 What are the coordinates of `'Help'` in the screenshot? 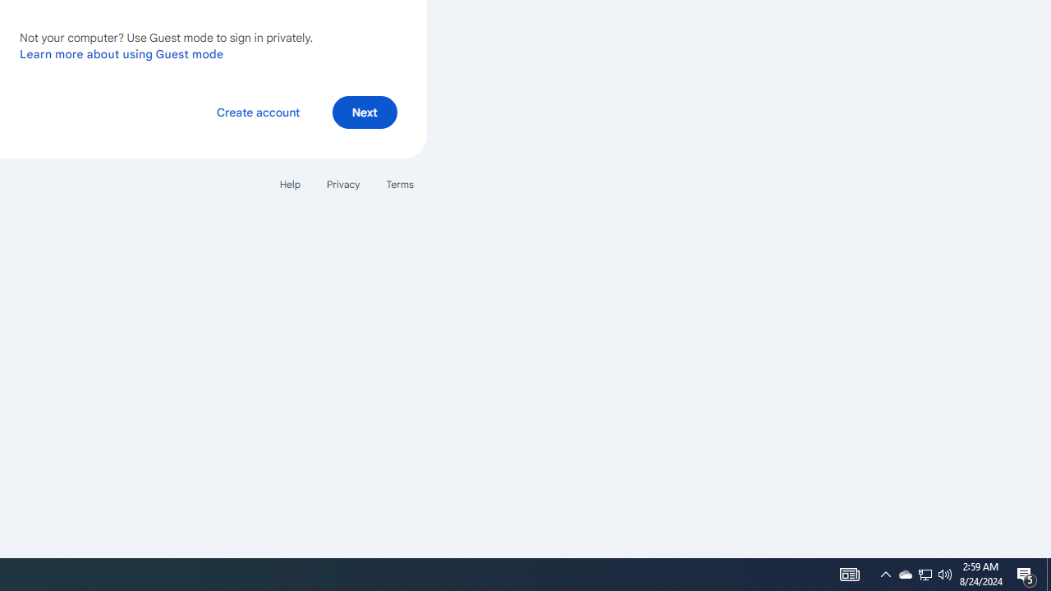 It's located at (289, 184).